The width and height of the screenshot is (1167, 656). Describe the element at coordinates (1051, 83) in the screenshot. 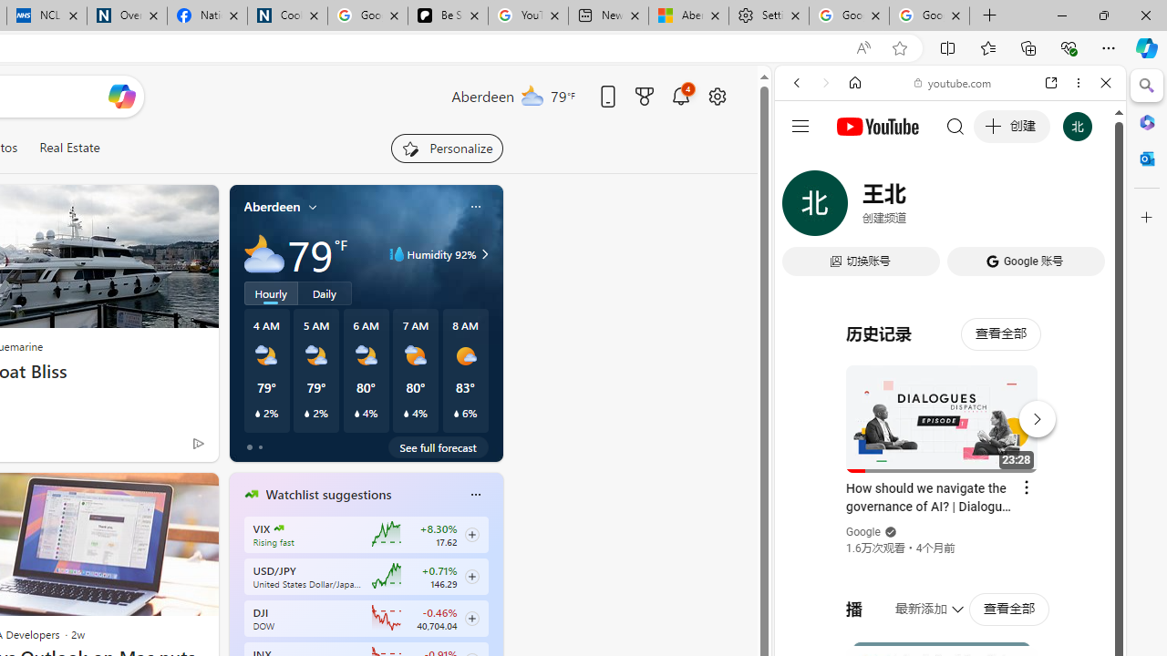

I see `'Open link in new tab'` at that location.